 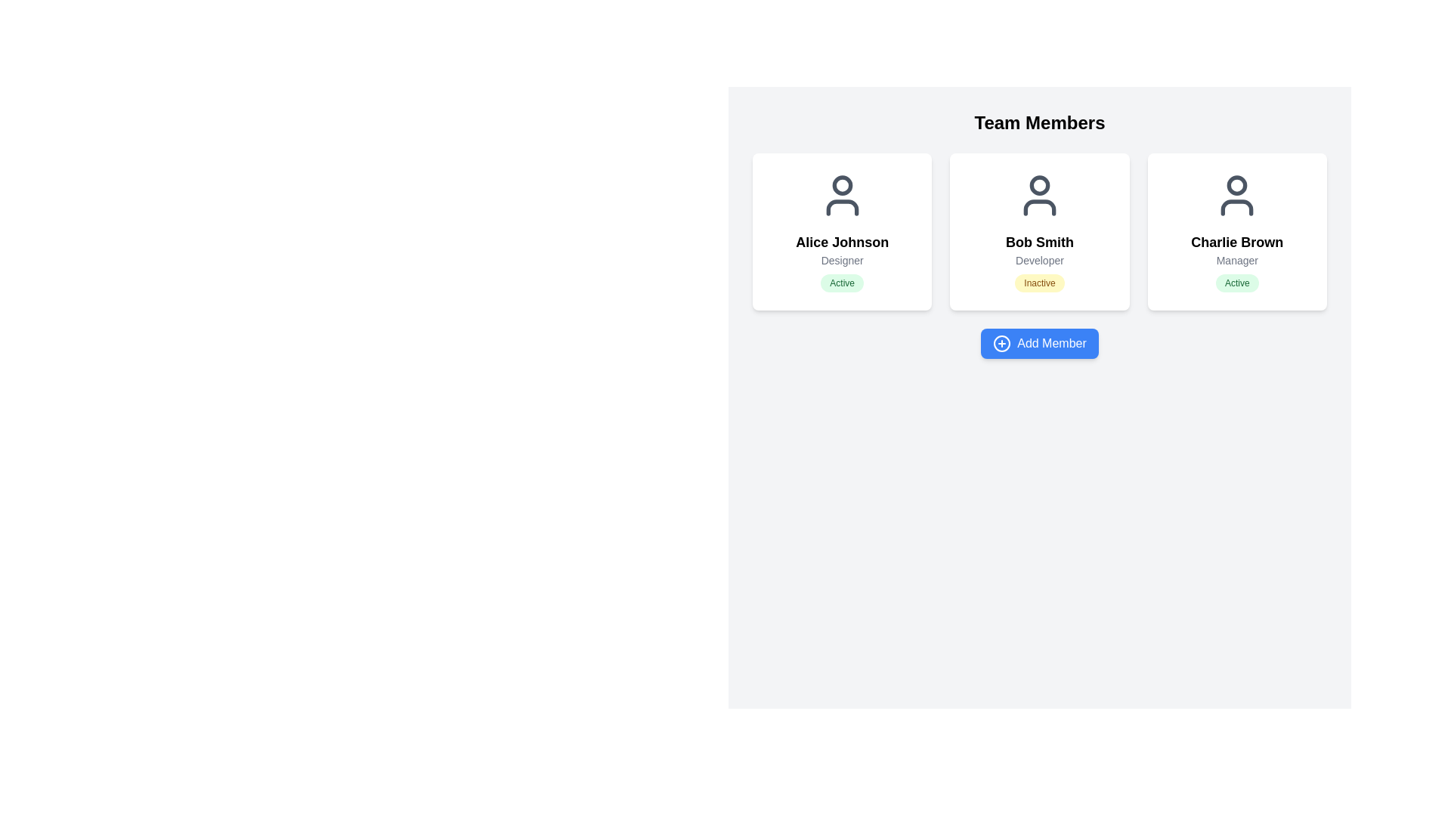 What do you see at coordinates (1002, 344) in the screenshot?
I see `the Circle Plus Symbol icon, which visually indicates the addition action within the 'Add Member' button` at bounding box center [1002, 344].